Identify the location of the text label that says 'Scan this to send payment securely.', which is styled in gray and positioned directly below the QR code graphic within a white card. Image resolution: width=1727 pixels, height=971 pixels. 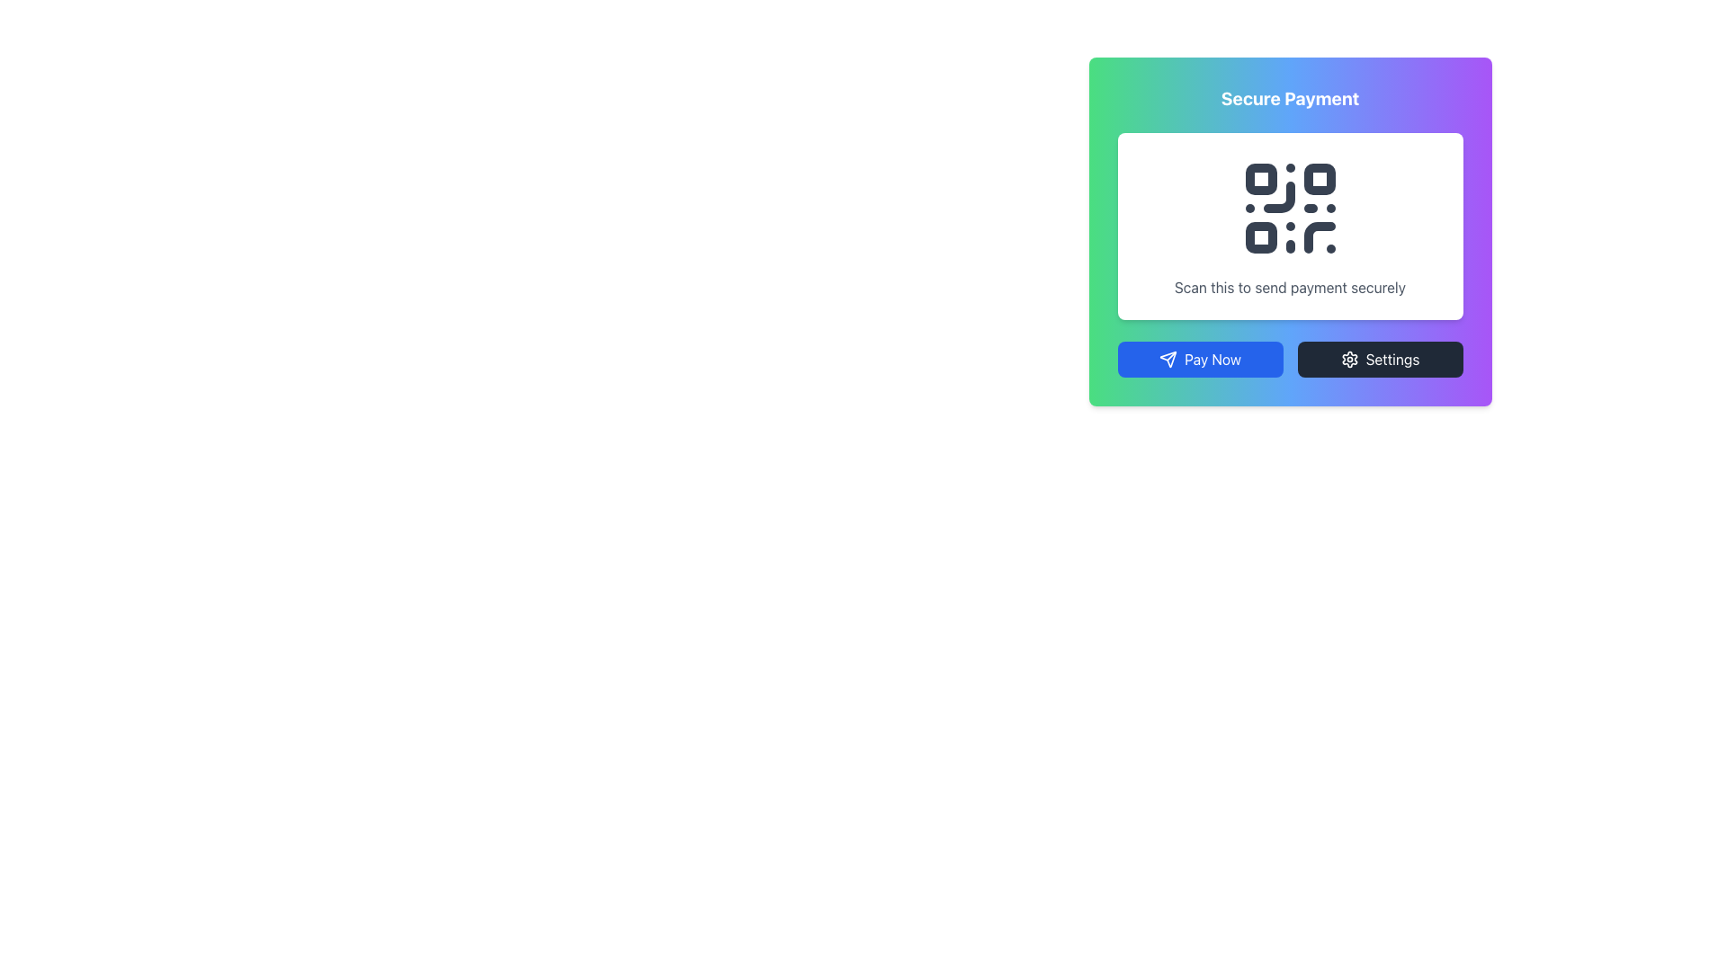
(1289, 287).